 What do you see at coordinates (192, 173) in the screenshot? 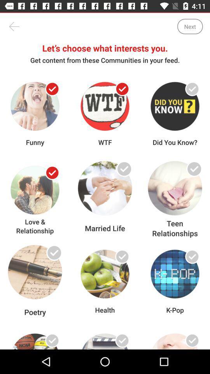
I see `to favorites` at bounding box center [192, 173].